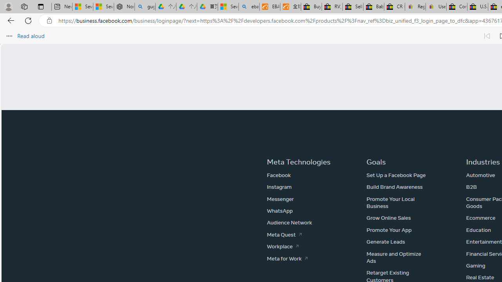  I want to click on 'Grow Online Sales', so click(389, 218).